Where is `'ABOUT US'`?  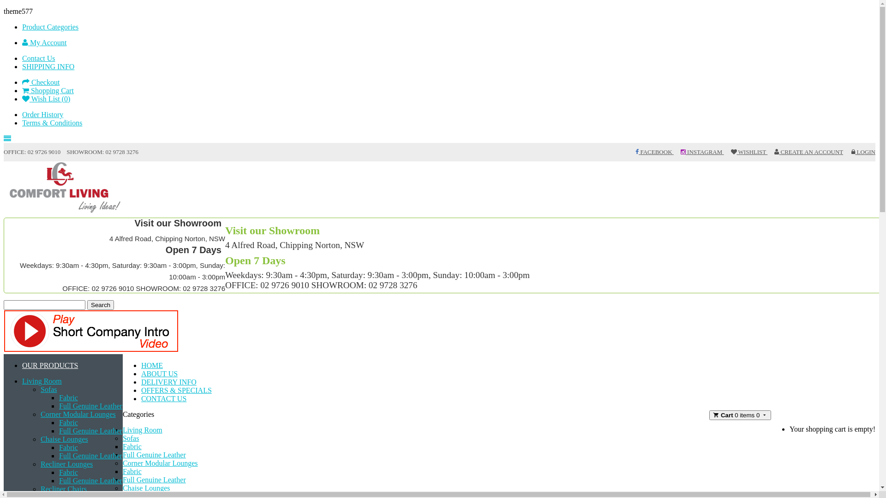 'ABOUT US' is located at coordinates (159, 373).